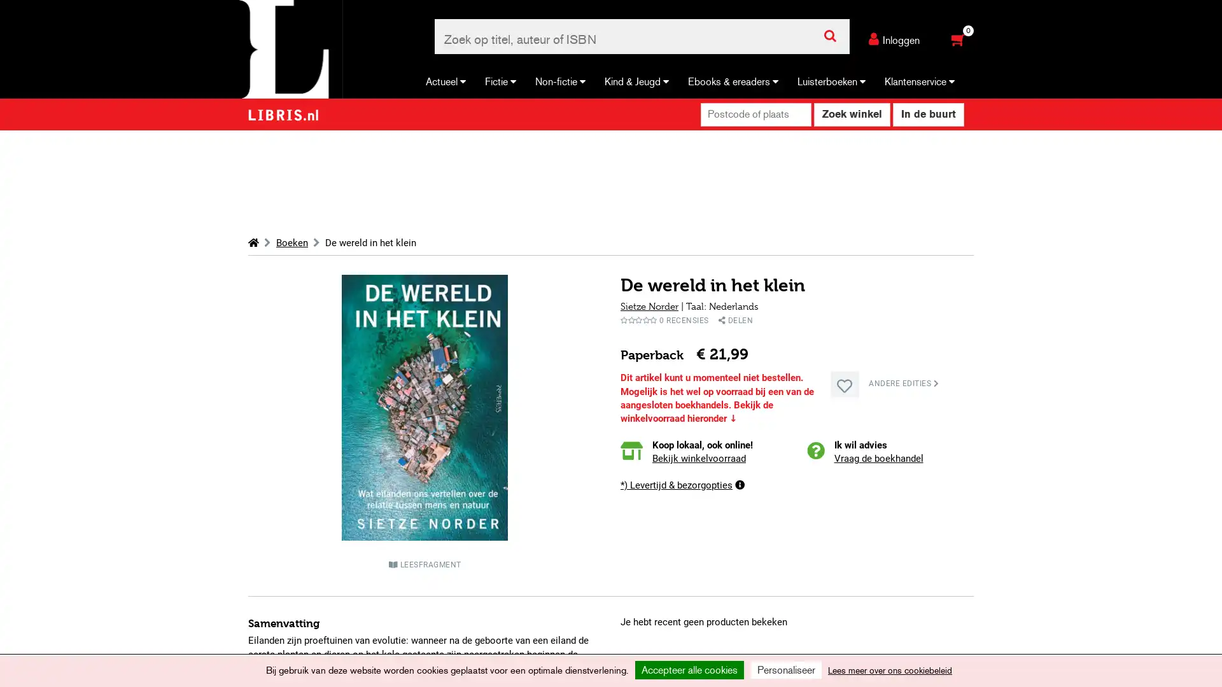 Image resolution: width=1222 pixels, height=687 pixels. I want to click on Accepteer alle cookies, so click(689, 669).